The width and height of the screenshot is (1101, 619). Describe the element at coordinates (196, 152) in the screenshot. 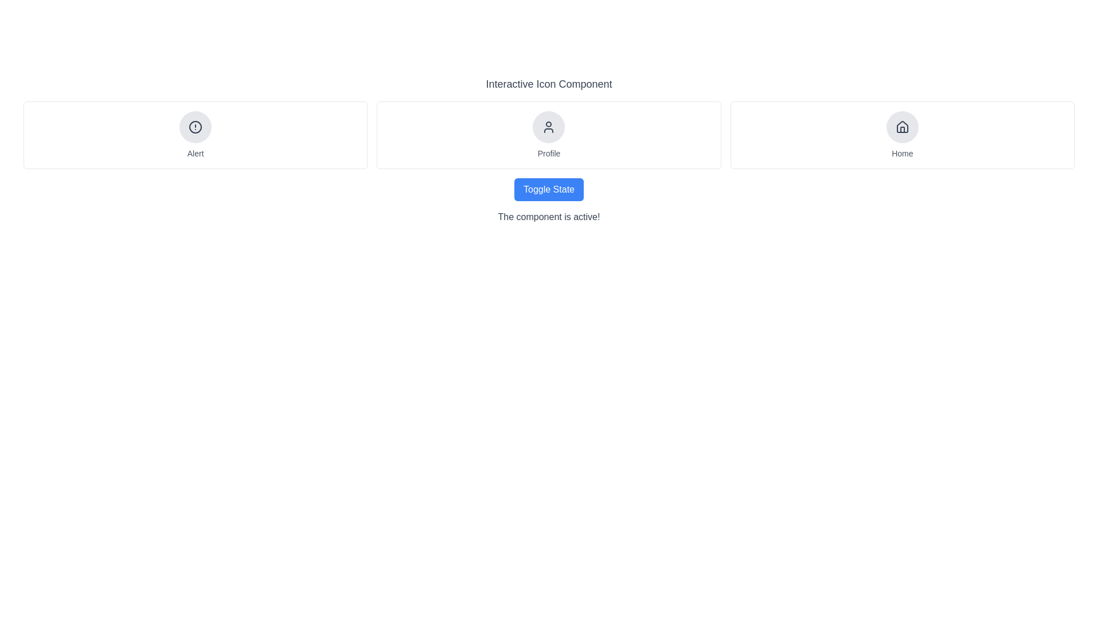

I see `the text label displaying 'alert' in lowercase letters, which is centered below a circular exclamation mark icon within a bordered and rounded rectangle` at that location.